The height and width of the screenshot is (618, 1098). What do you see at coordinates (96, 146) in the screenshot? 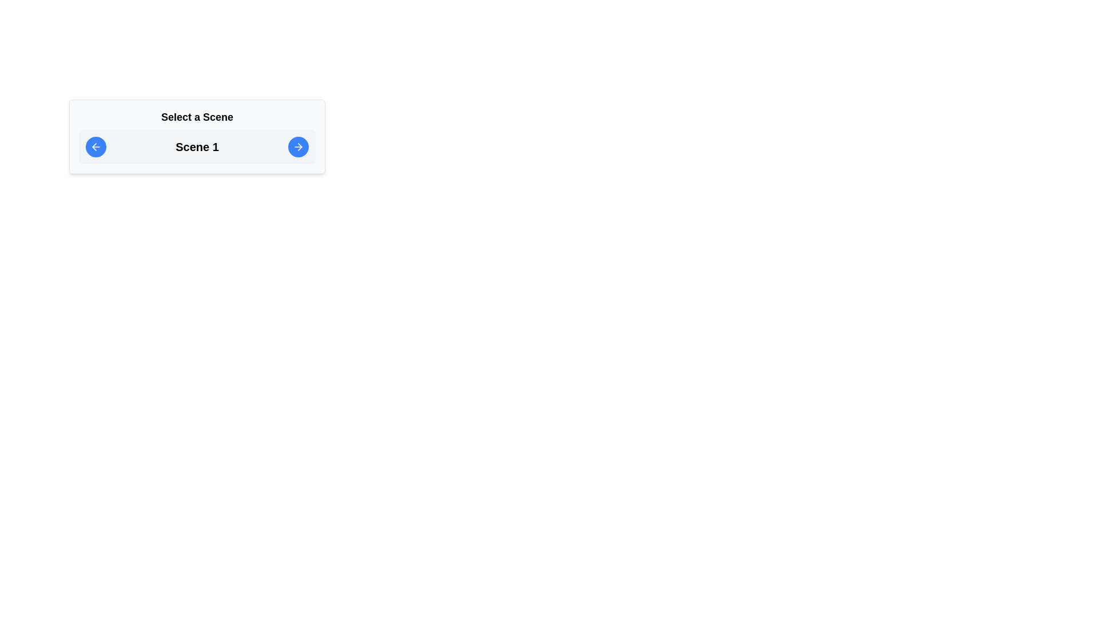
I see `the leftward-pointing arrow icon within the blue circular button` at bounding box center [96, 146].